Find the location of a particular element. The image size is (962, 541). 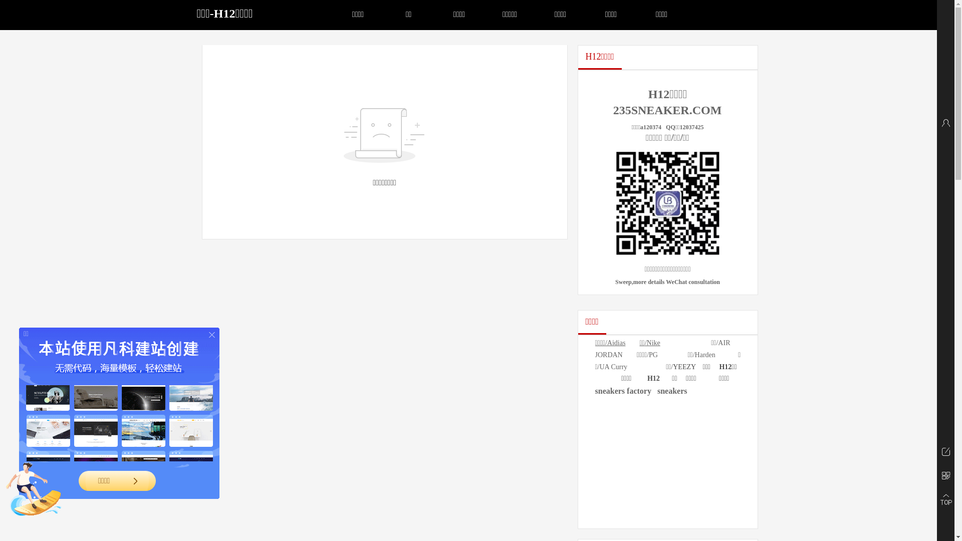

'sneakers factory' is located at coordinates (622, 391).